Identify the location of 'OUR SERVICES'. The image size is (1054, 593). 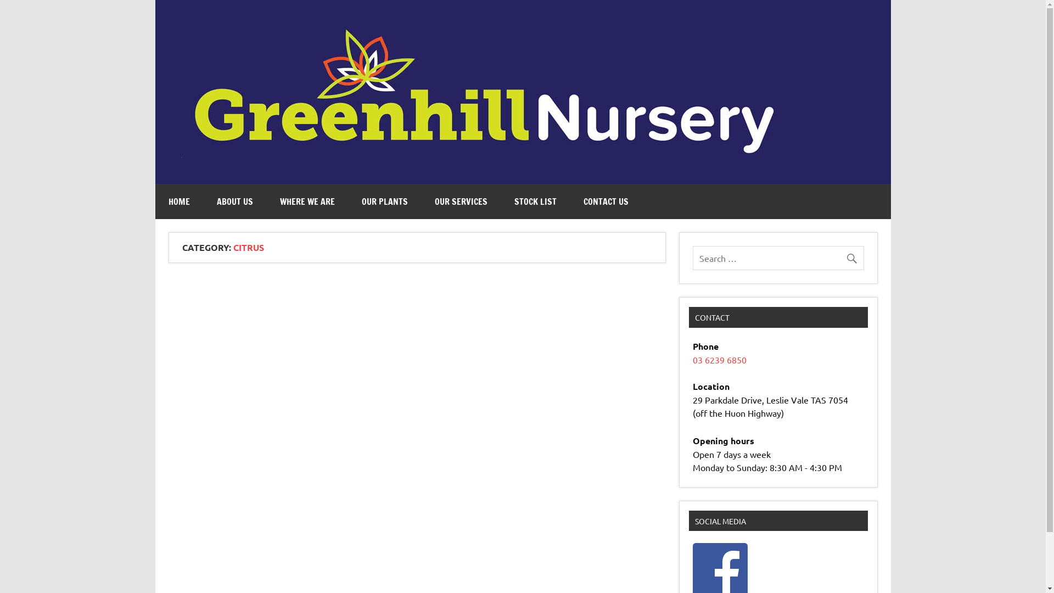
(461, 201).